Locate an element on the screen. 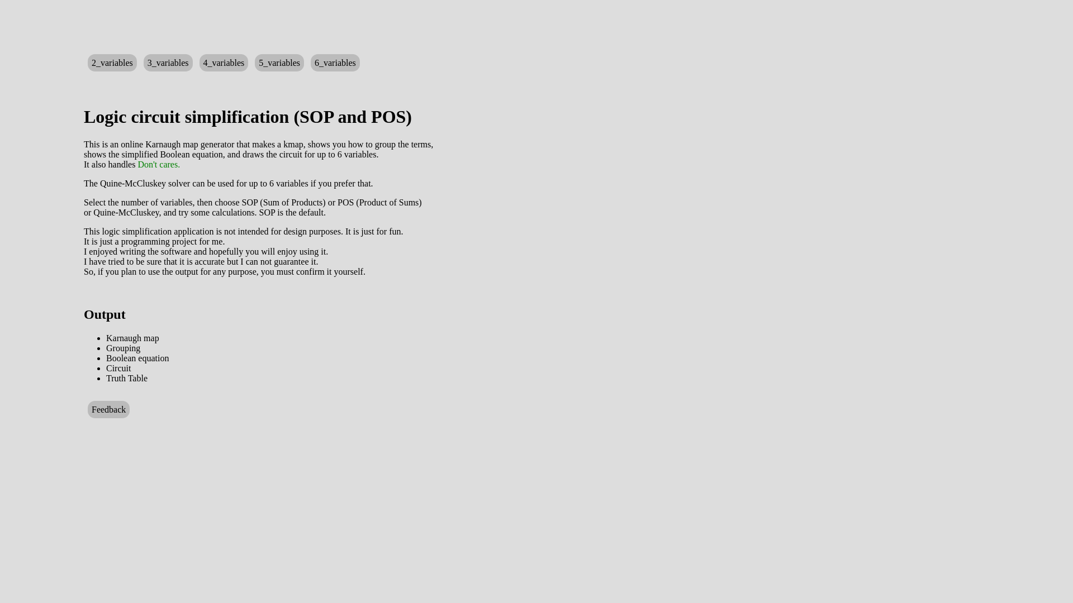 The height and width of the screenshot is (603, 1073). '5_variables' is located at coordinates (254, 63).